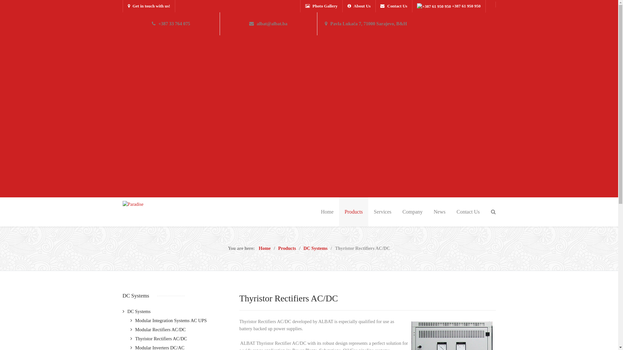 The width and height of the screenshot is (623, 350). I want to click on 'Company Information', so click(340, 239).